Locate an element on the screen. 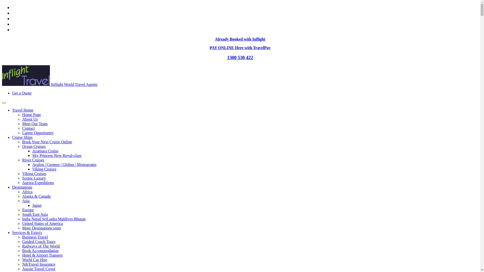  'Viking Cruises' is located at coordinates (44, 169).